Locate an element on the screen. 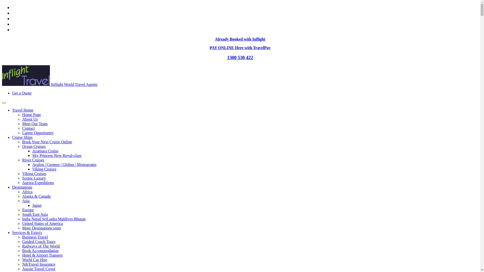  'Viking Cruises' is located at coordinates (44, 169).